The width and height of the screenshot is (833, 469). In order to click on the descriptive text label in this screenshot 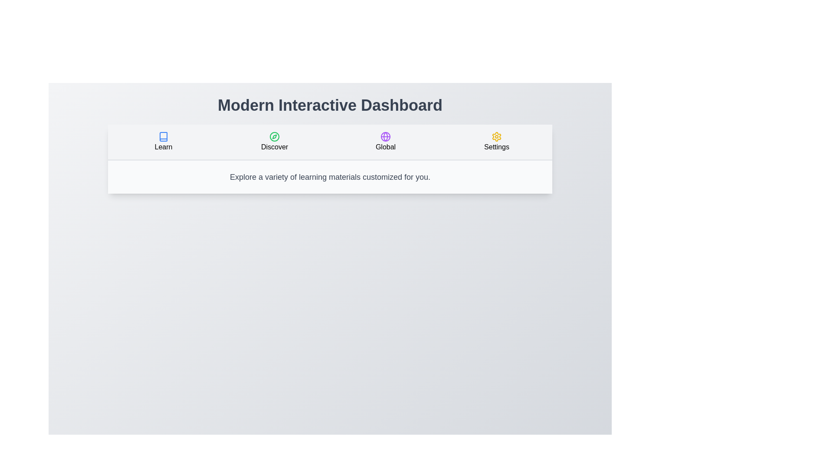, I will do `click(163, 147)`.